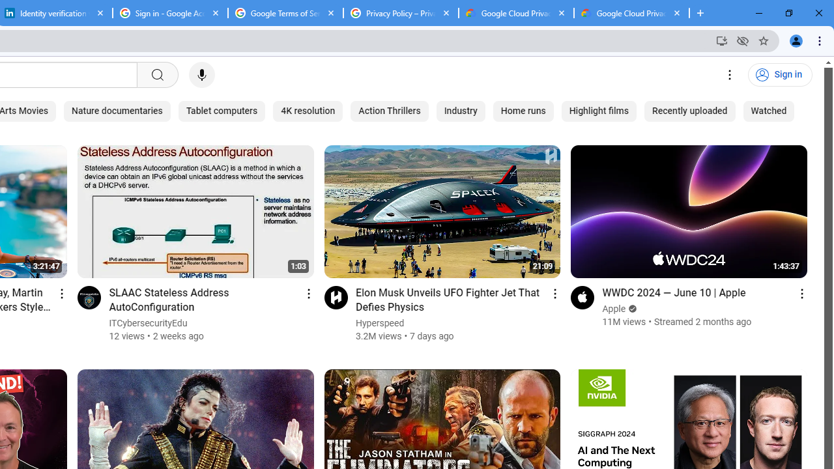 The width and height of the screenshot is (834, 469). Describe the element at coordinates (307, 111) in the screenshot. I see `'4K resolution'` at that location.